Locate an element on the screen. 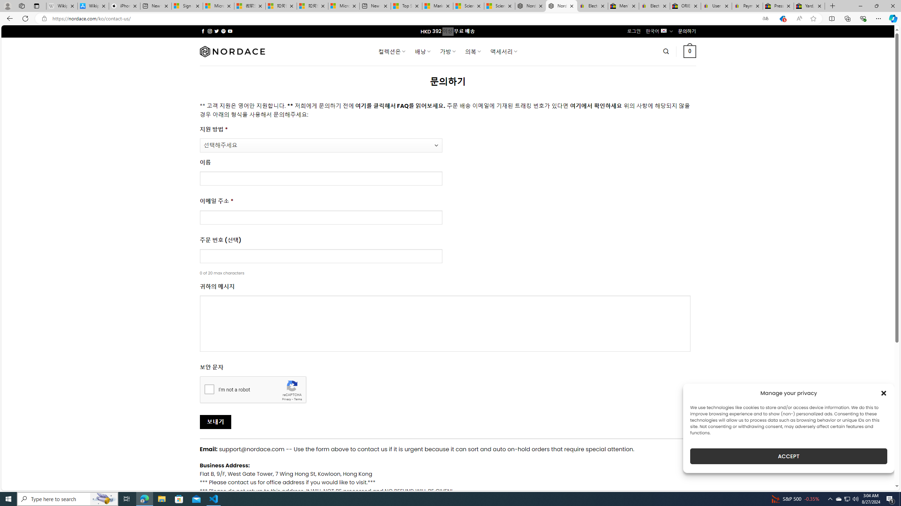  'Show translate options' is located at coordinates (765, 19).